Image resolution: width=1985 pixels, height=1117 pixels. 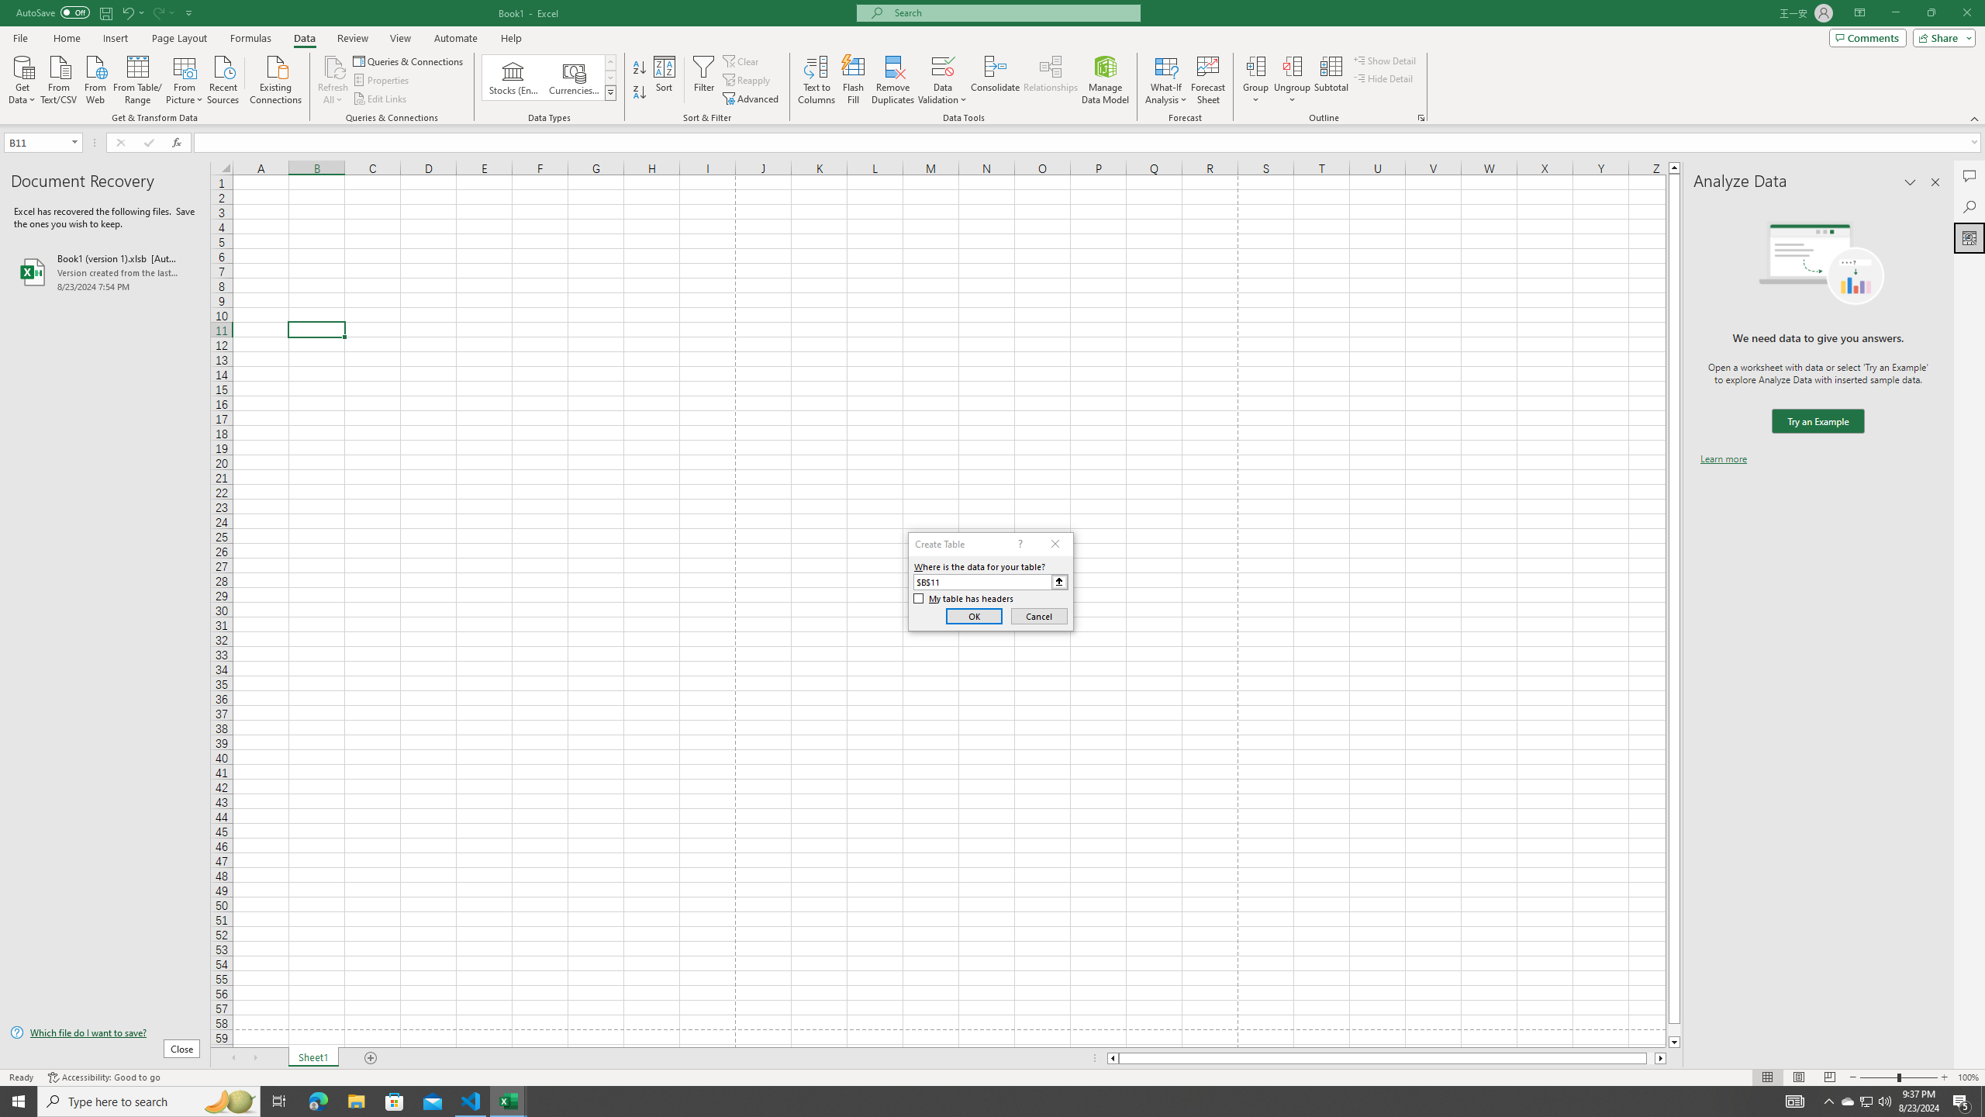 What do you see at coordinates (1331, 80) in the screenshot?
I see `'Subtotal'` at bounding box center [1331, 80].